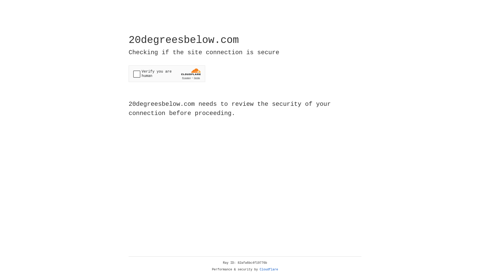  Describe the element at coordinates (167, 74) in the screenshot. I see `'Widget containing a Cloudflare security challenge'` at that location.